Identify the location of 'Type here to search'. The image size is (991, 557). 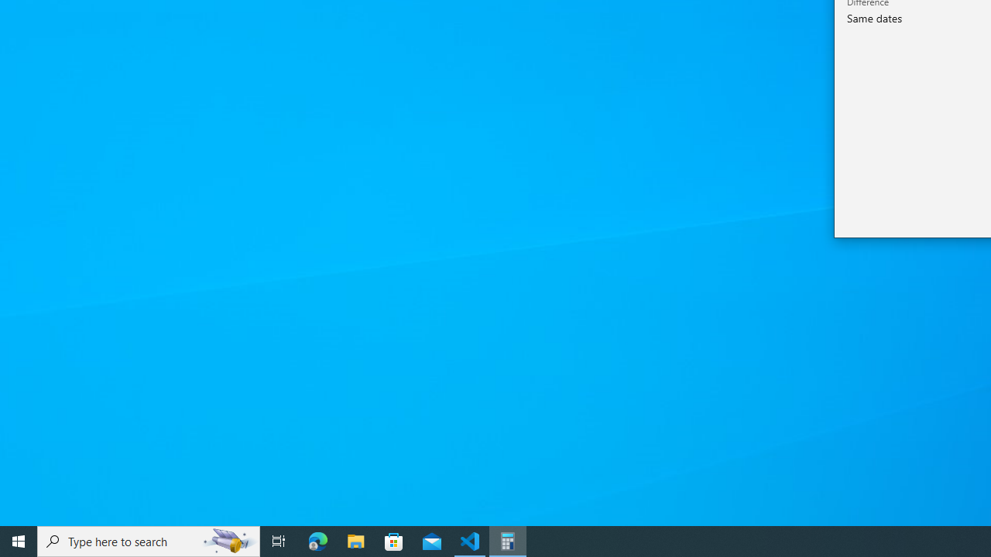
(149, 540).